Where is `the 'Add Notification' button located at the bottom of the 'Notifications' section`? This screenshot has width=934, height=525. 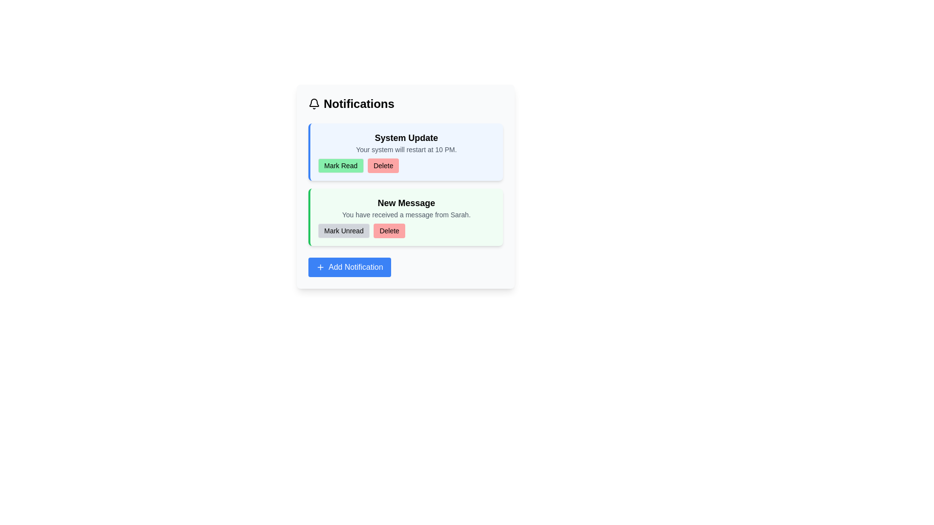 the 'Add Notification' button located at the bottom of the 'Notifications' section is located at coordinates (349, 267).